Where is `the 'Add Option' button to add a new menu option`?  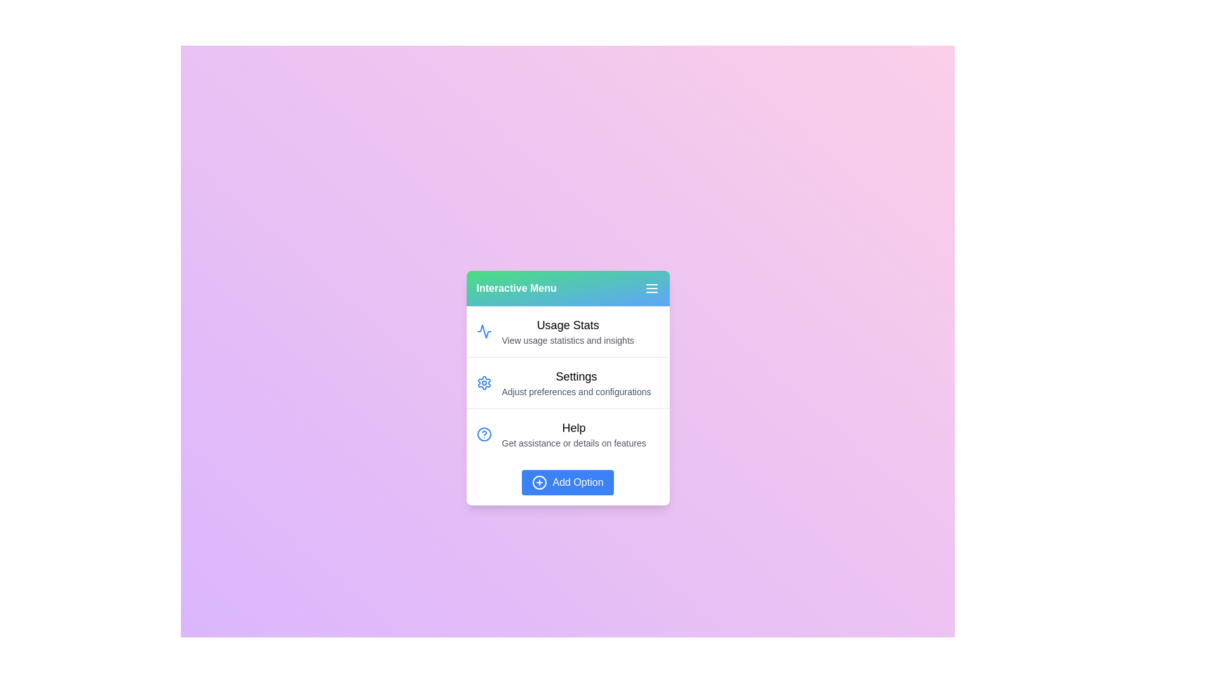
the 'Add Option' button to add a new menu option is located at coordinates (567, 482).